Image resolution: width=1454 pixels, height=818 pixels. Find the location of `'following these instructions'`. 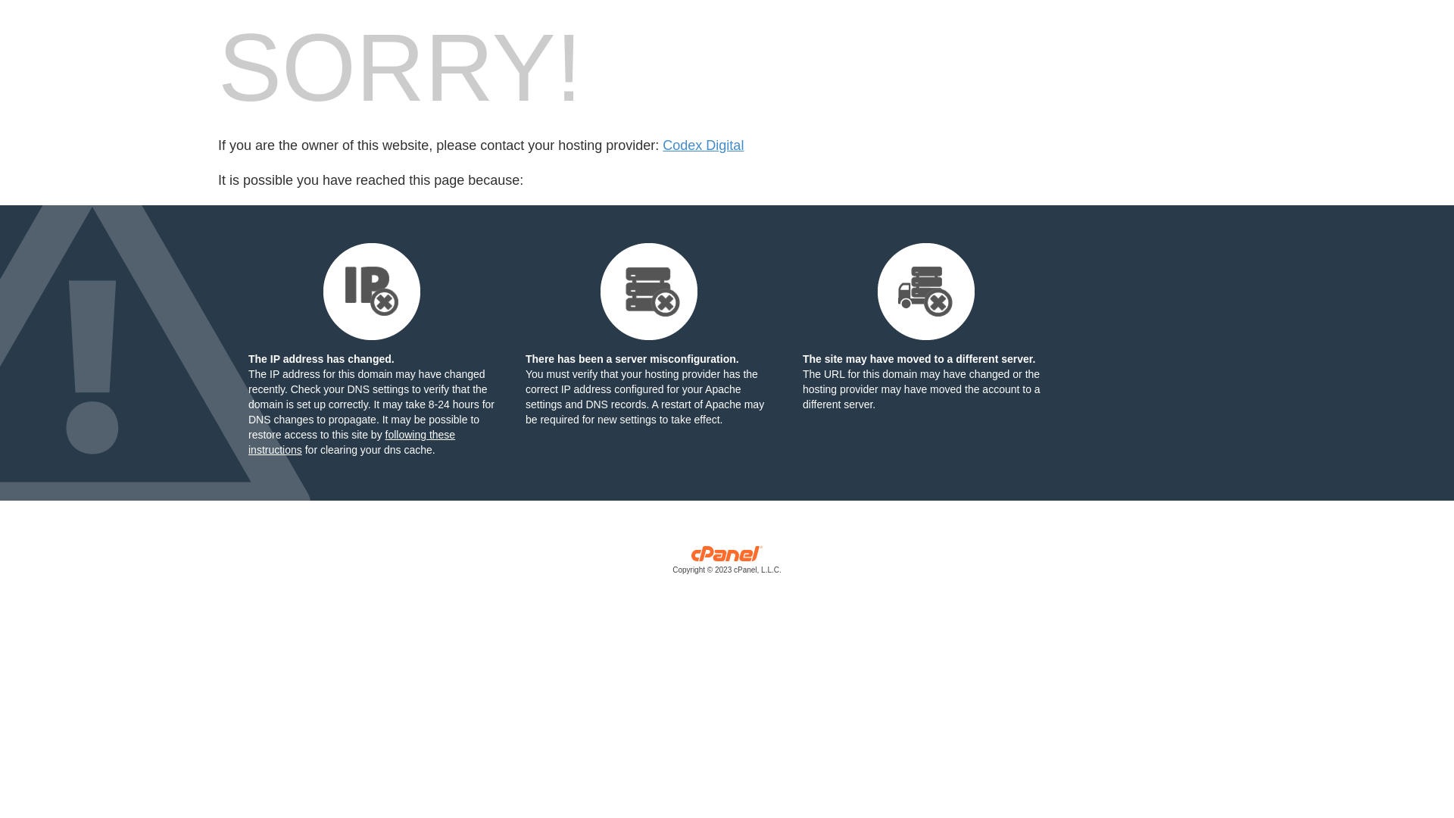

'following these instructions' is located at coordinates (351, 442).